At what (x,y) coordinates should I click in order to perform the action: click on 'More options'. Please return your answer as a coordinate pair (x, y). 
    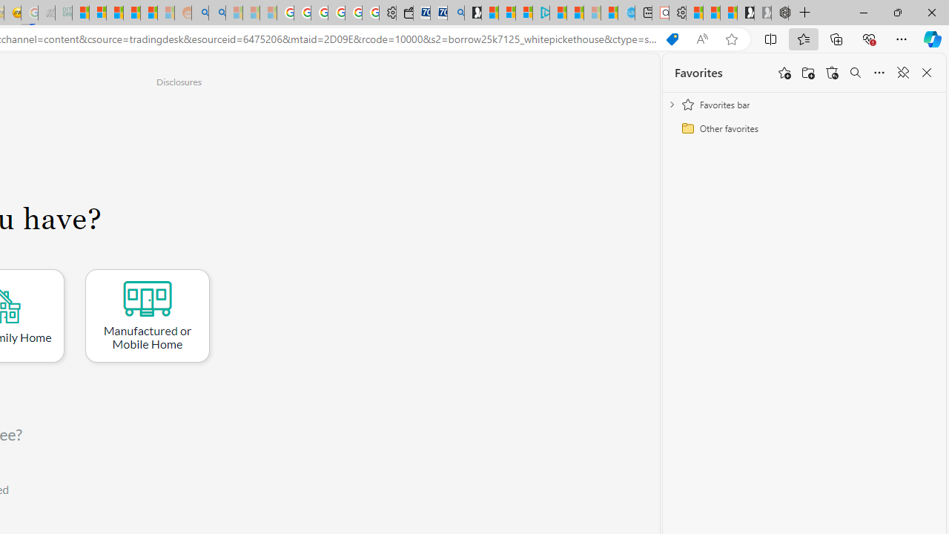
    Looking at the image, I should click on (879, 73).